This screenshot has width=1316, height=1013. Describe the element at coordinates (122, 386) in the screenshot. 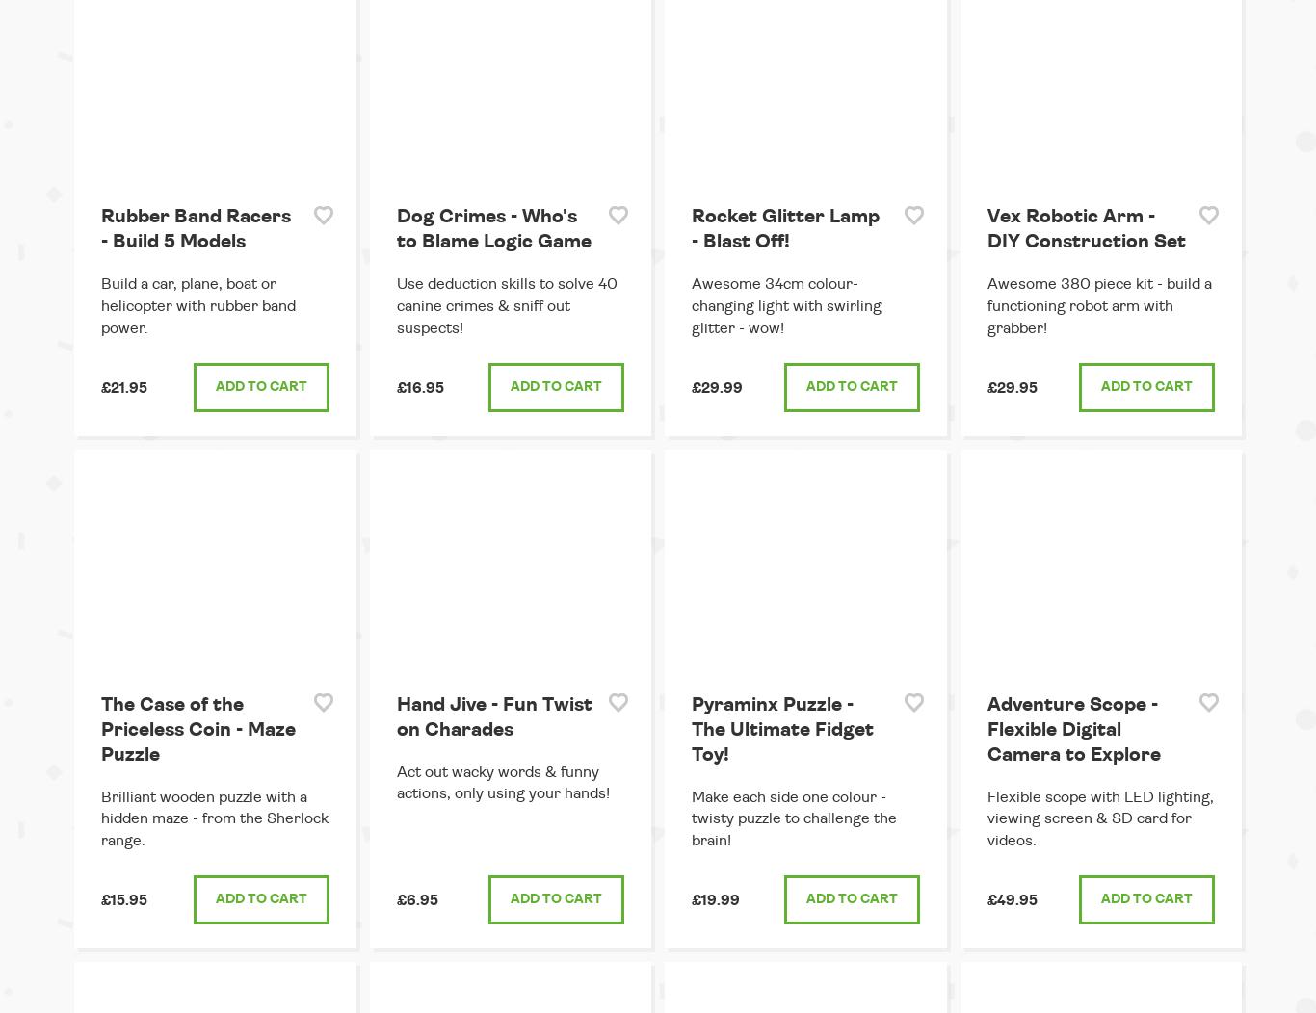

I see `'£21.95'` at that location.